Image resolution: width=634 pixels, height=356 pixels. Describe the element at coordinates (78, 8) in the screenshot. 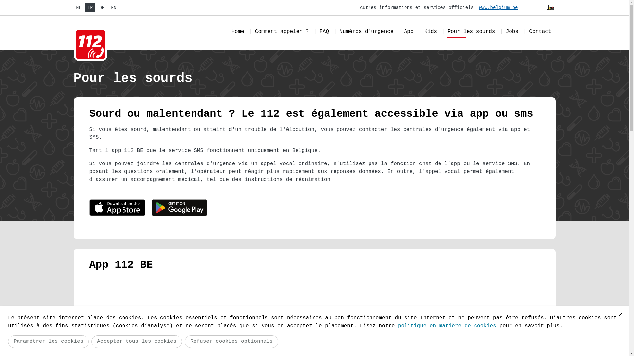

I see `'NL'` at that location.